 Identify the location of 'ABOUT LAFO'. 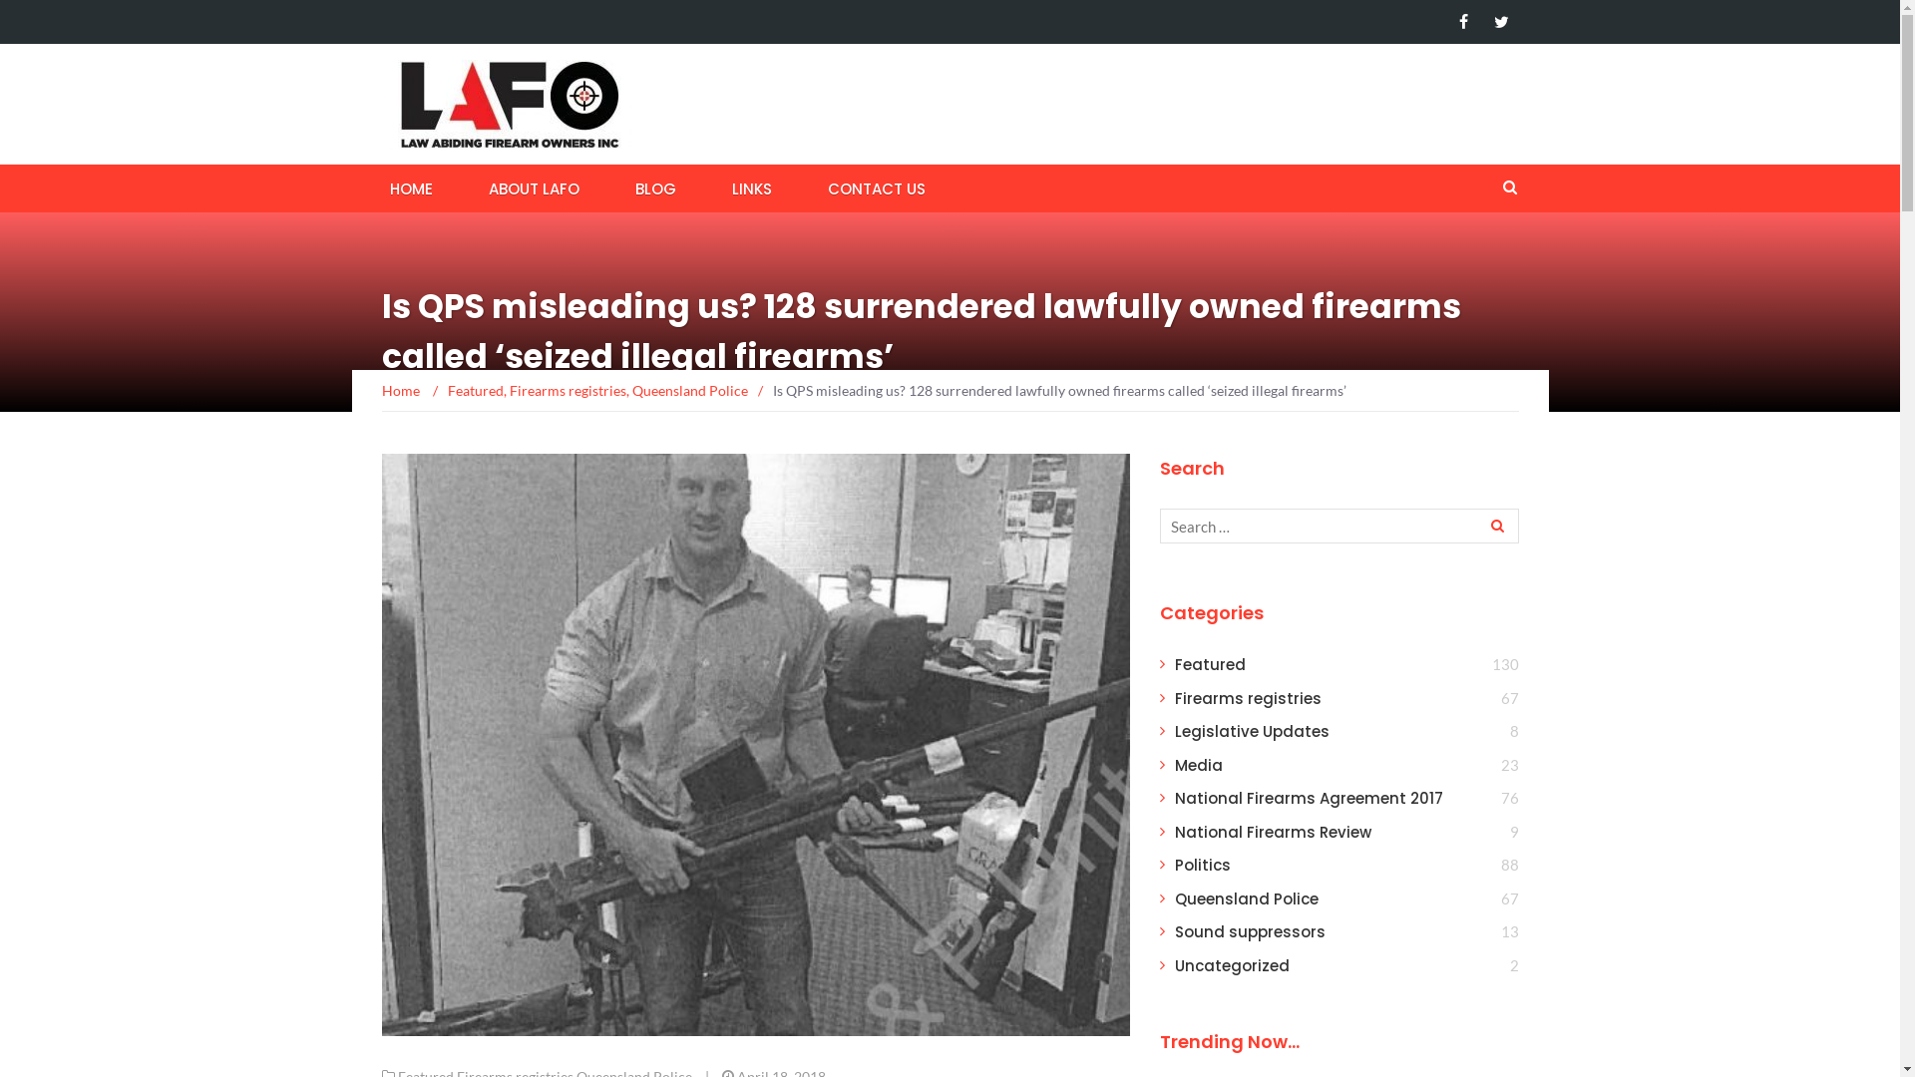
(480, 187).